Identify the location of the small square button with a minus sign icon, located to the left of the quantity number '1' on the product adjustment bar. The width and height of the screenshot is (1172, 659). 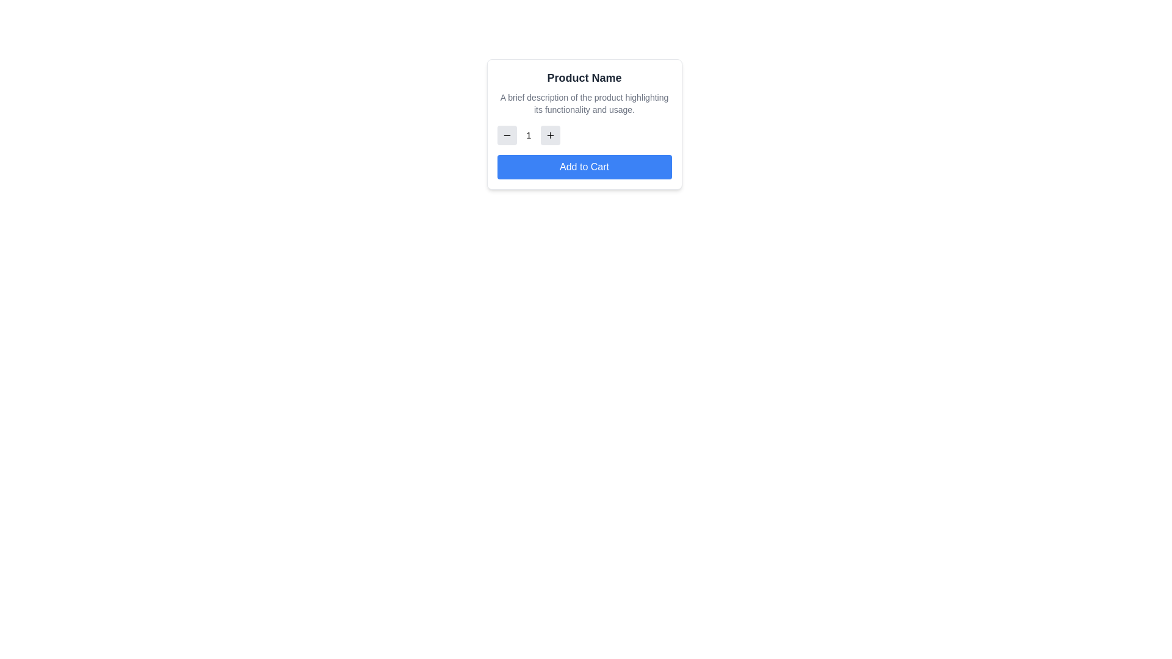
(507, 135).